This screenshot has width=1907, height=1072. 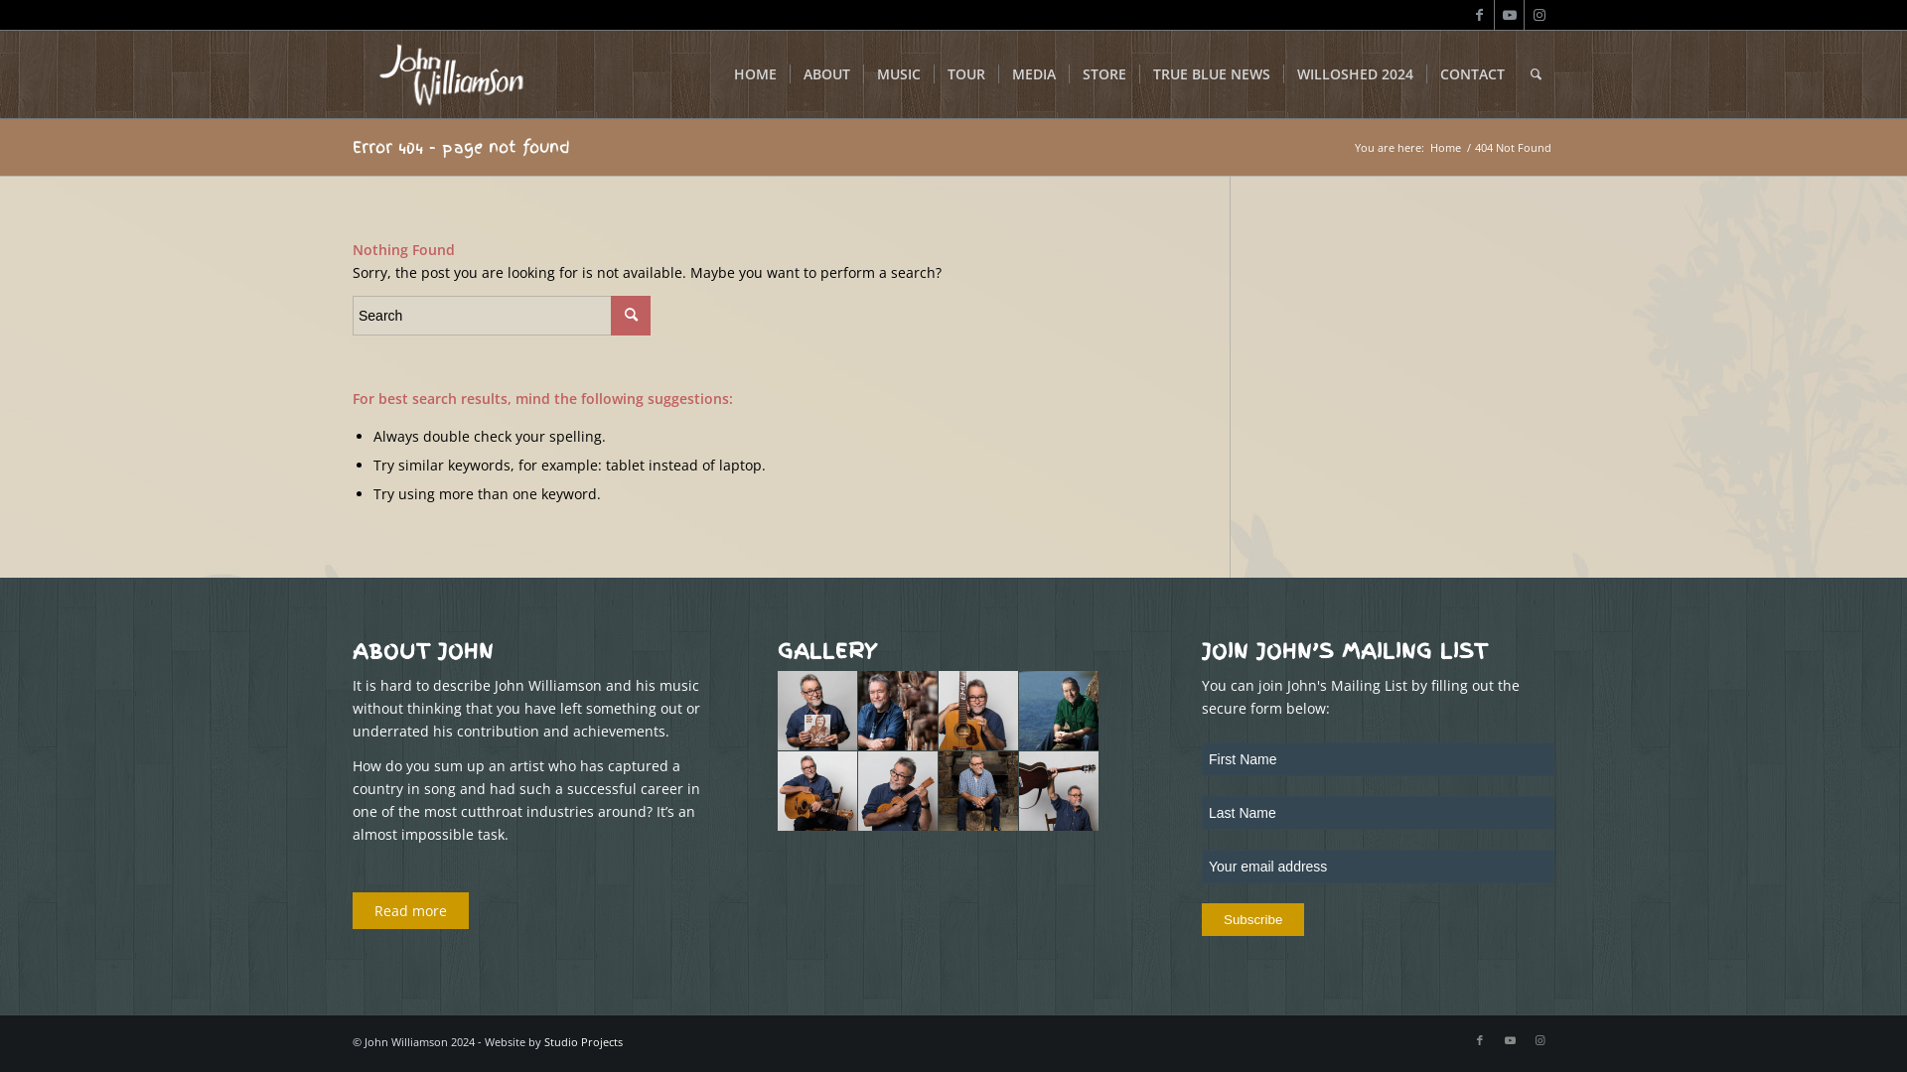 I want to click on 'WILLOSHED 2024', so click(x=1353, y=72).